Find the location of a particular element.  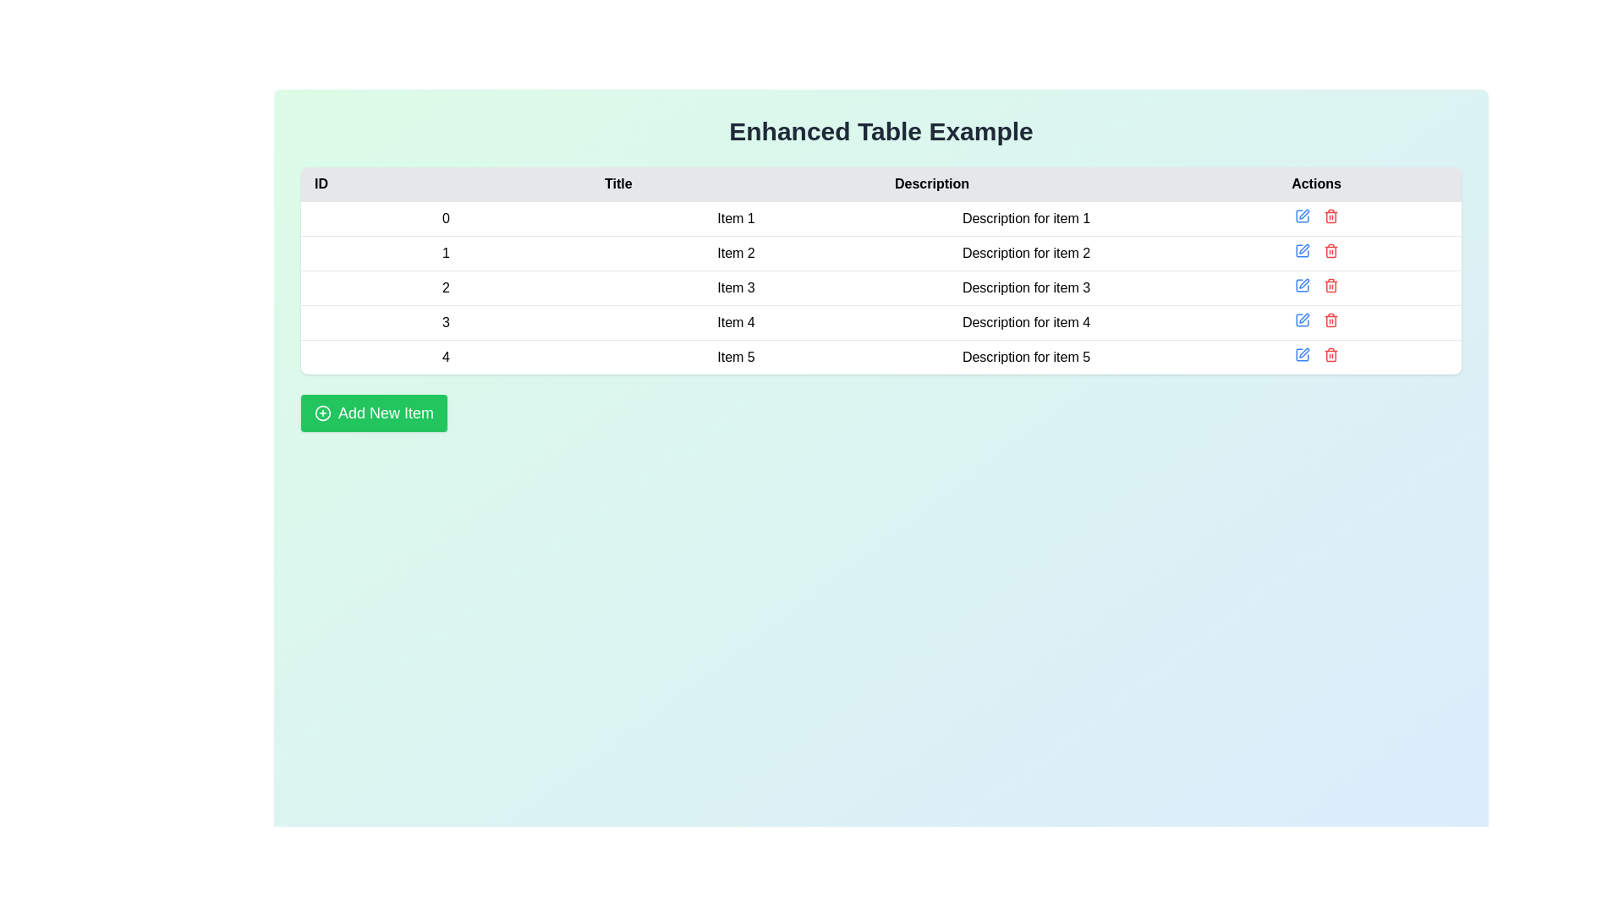

the third row in the table which contains the cells displaying the number '2', 'Item 3', and 'Description for item 3' is located at coordinates (880, 287).